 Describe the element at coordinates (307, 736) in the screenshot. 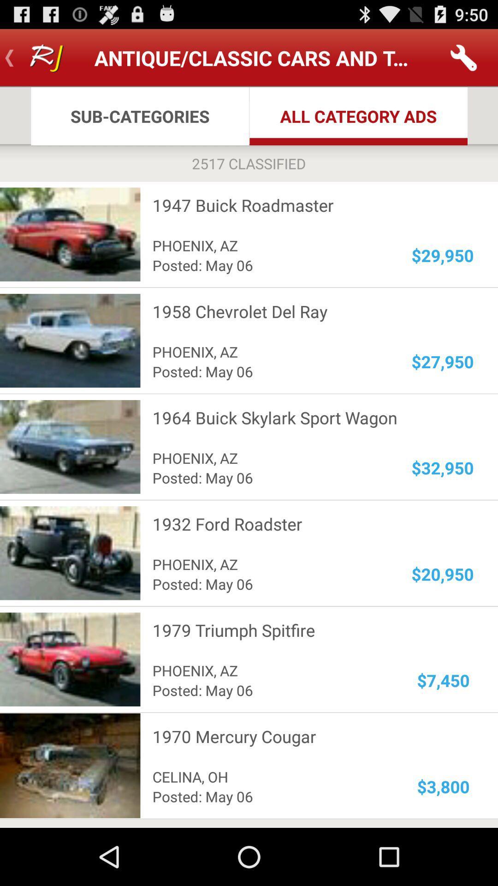

I see `1970 mercury cougar item` at that location.